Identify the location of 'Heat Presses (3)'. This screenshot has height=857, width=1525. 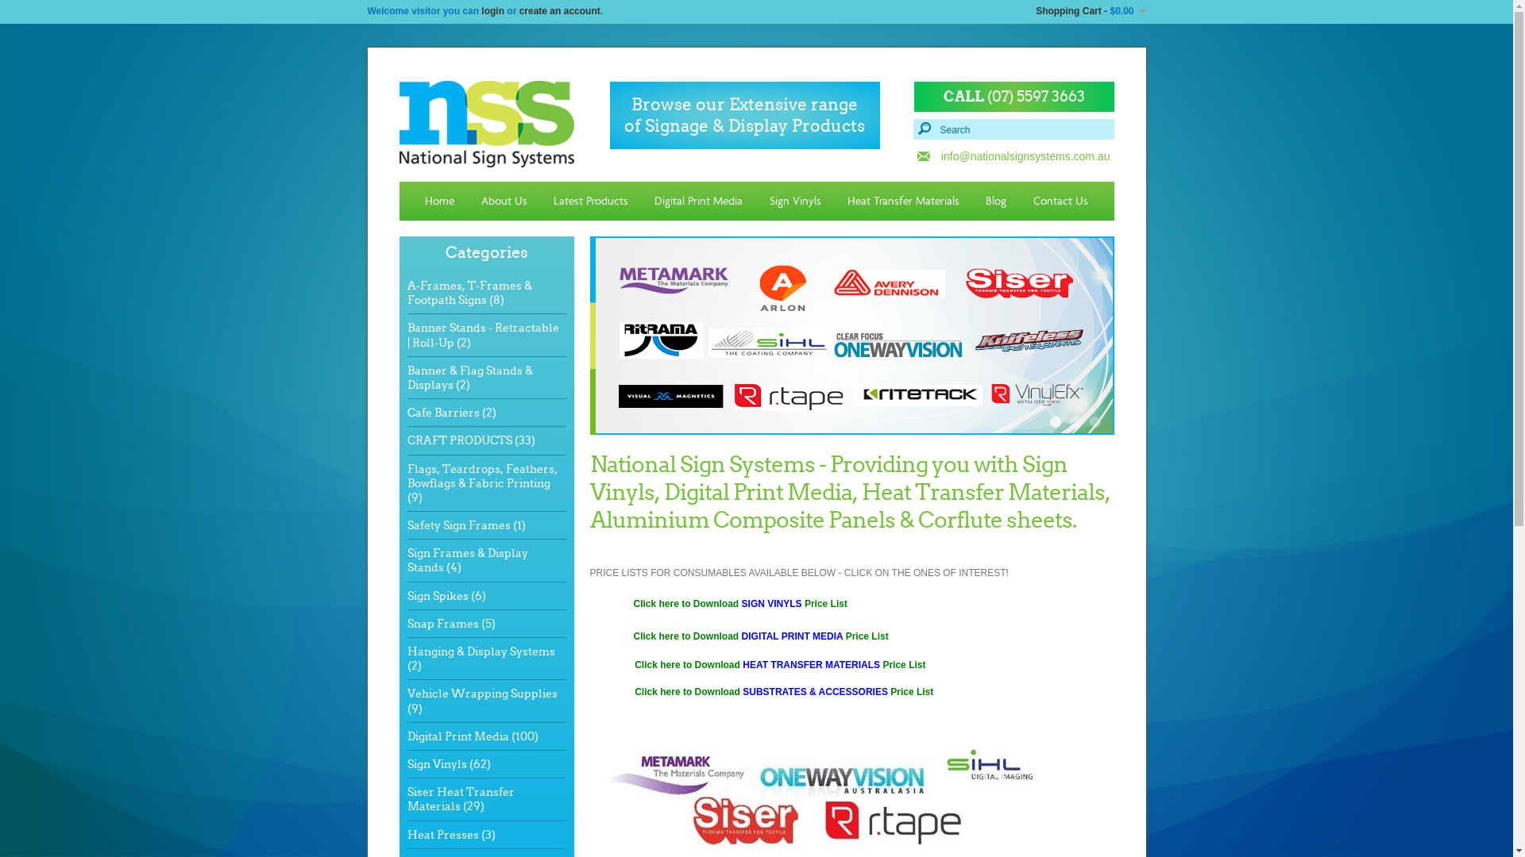
(407, 834).